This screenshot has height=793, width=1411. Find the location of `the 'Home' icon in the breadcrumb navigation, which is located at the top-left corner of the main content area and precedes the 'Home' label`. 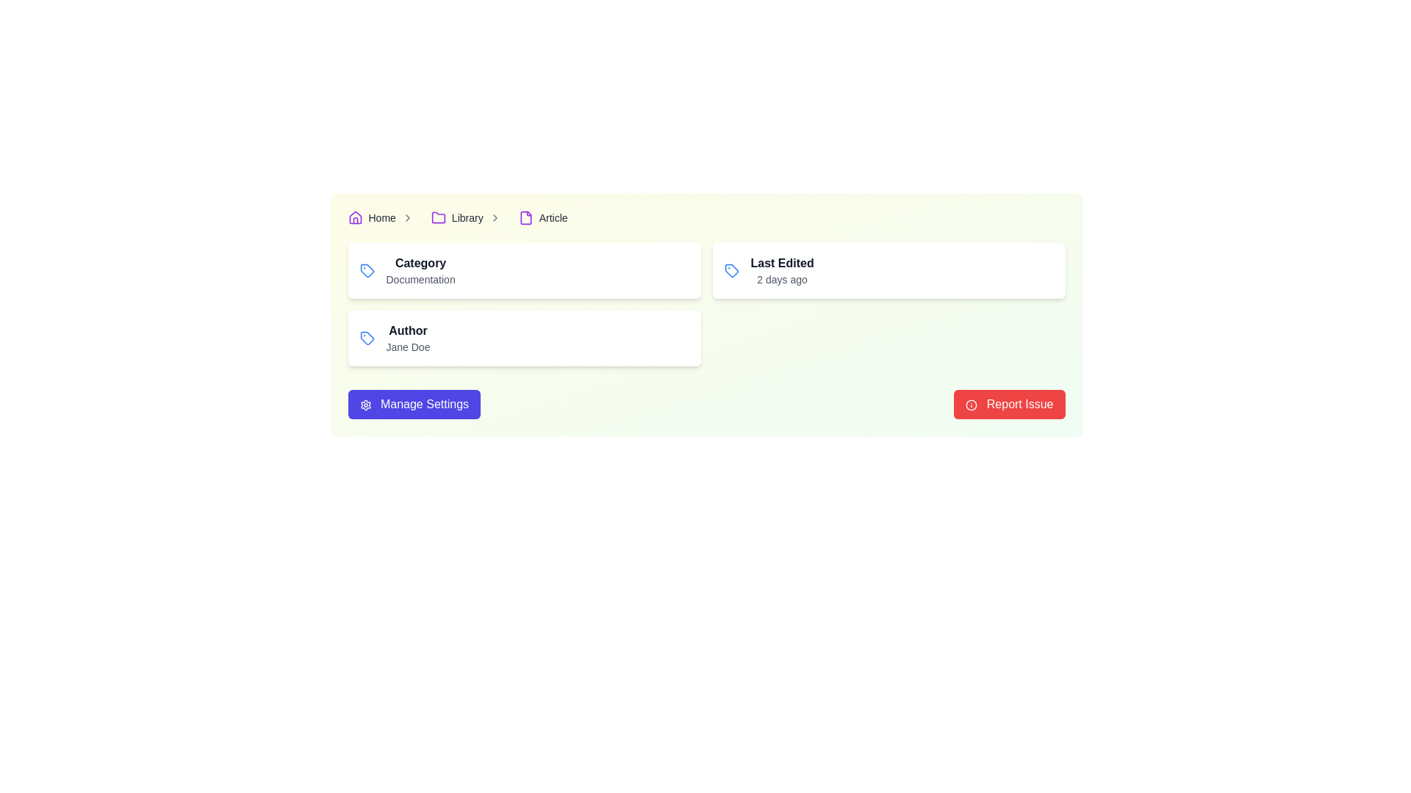

the 'Home' icon in the breadcrumb navigation, which is located at the top-left corner of the main content area and precedes the 'Home' label is located at coordinates (355, 217).